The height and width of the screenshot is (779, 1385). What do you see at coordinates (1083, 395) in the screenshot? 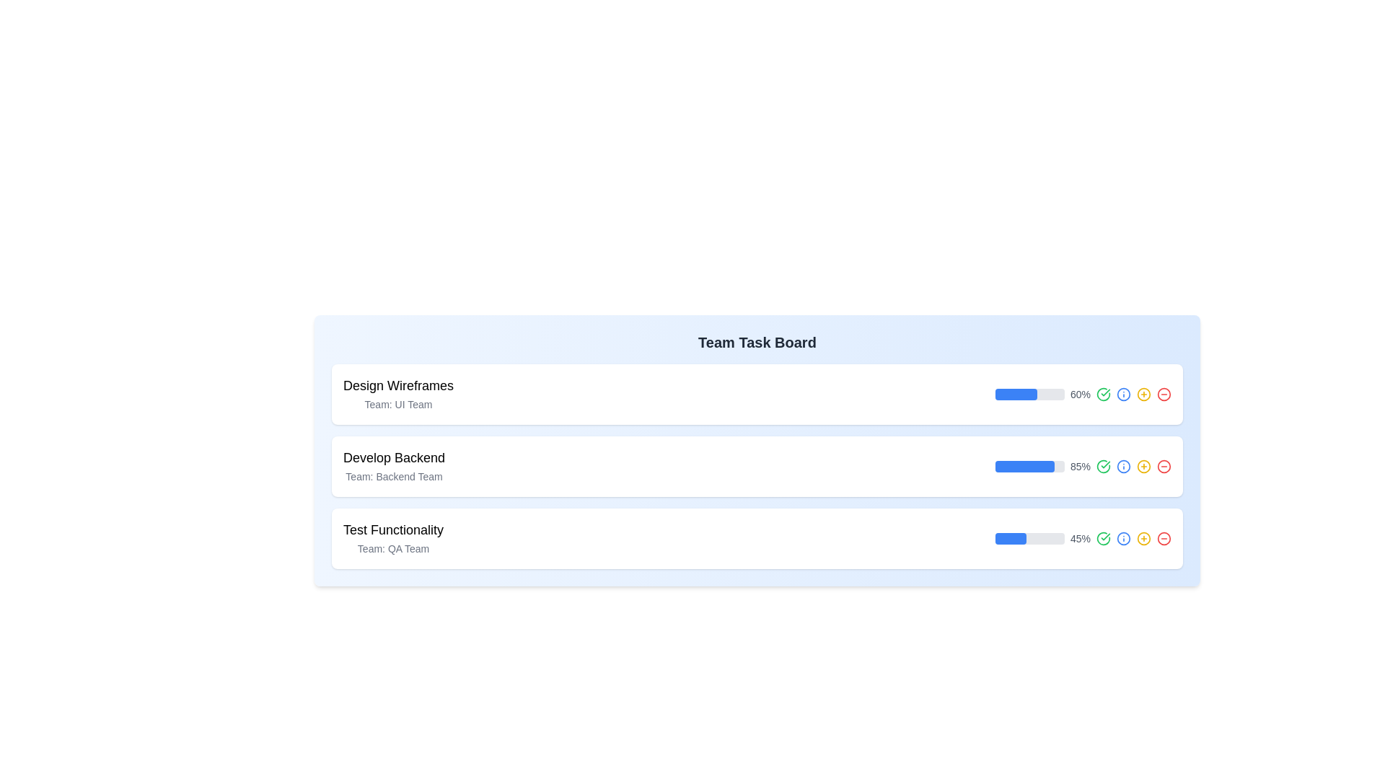
I see `the progress bar displaying '60%' and the adjacent icon buttons in the 'Design Wireframes' section of the 'Team Task Board' interface` at bounding box center [1083, 395].